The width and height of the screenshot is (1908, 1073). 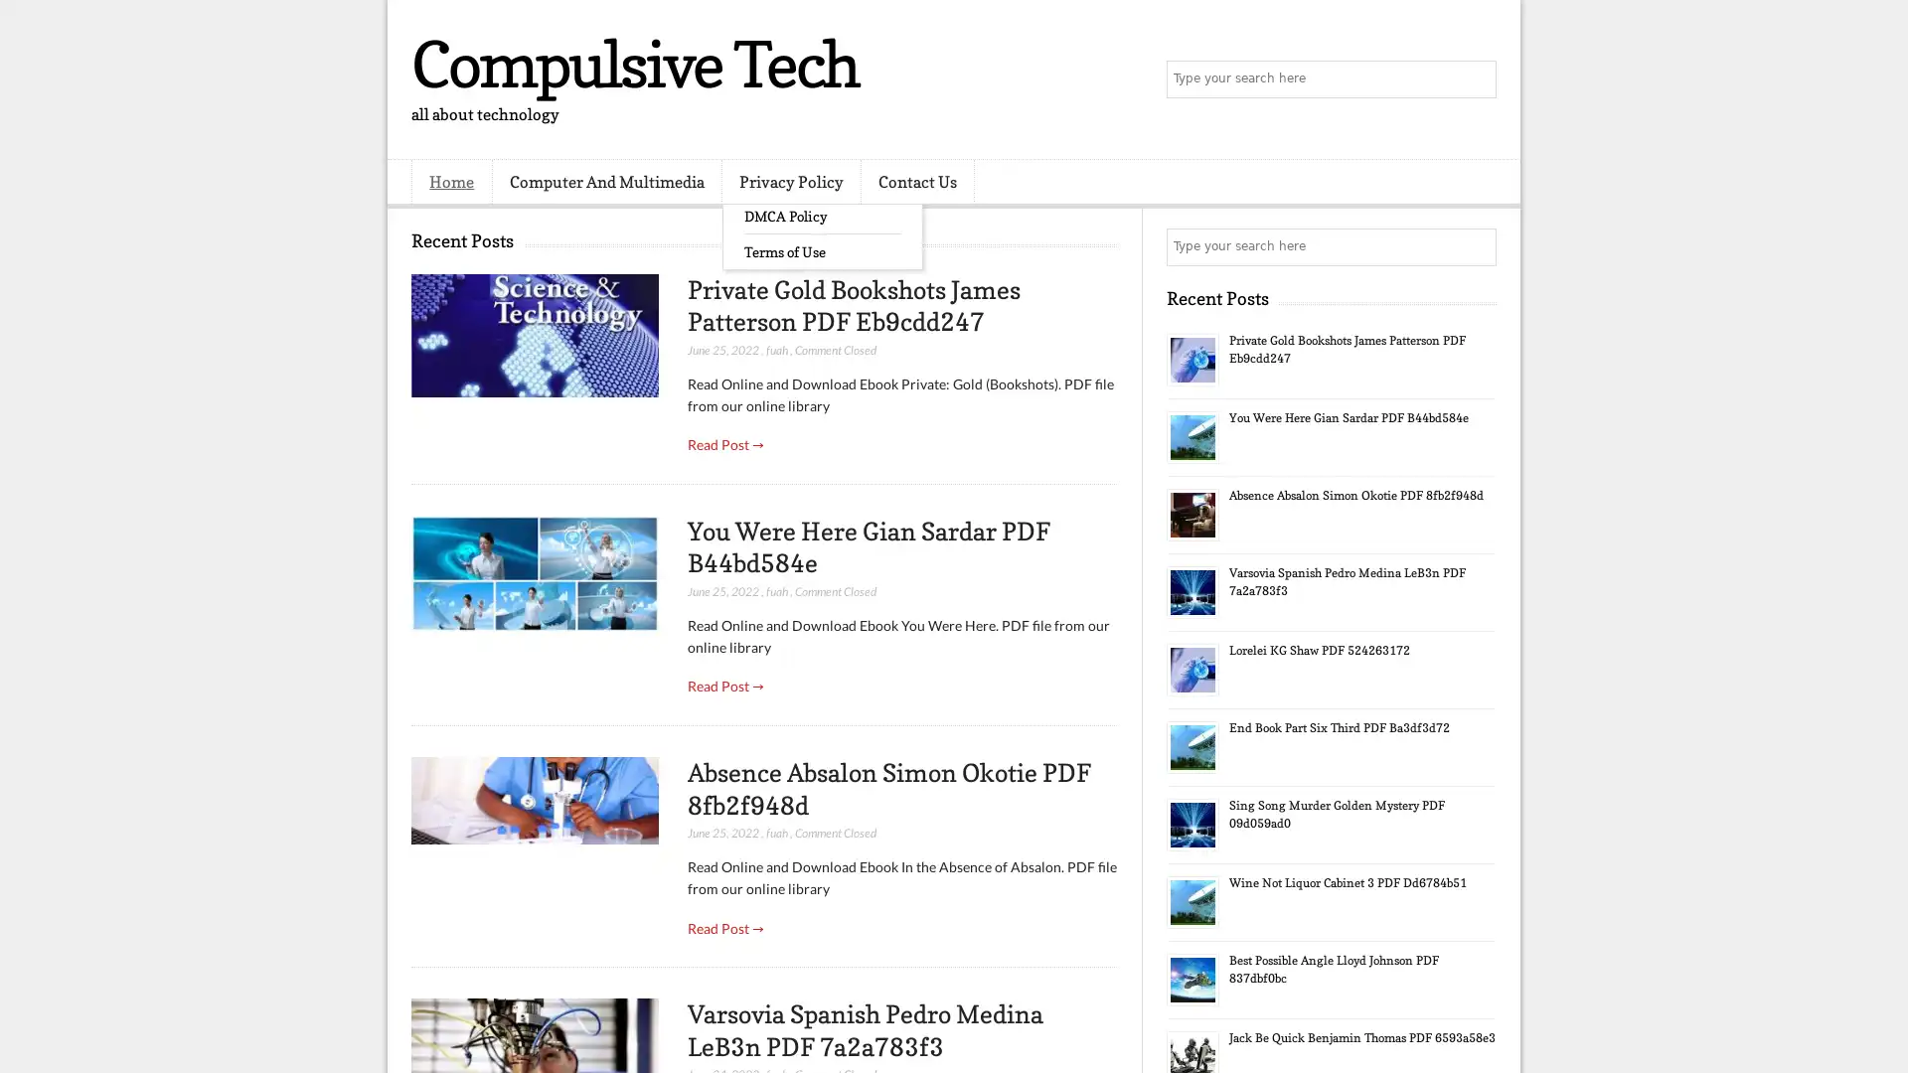 What do you see at coordinates (1476, 246) in the screenshot?
I see `Search` at bounding box center [1476, 246].